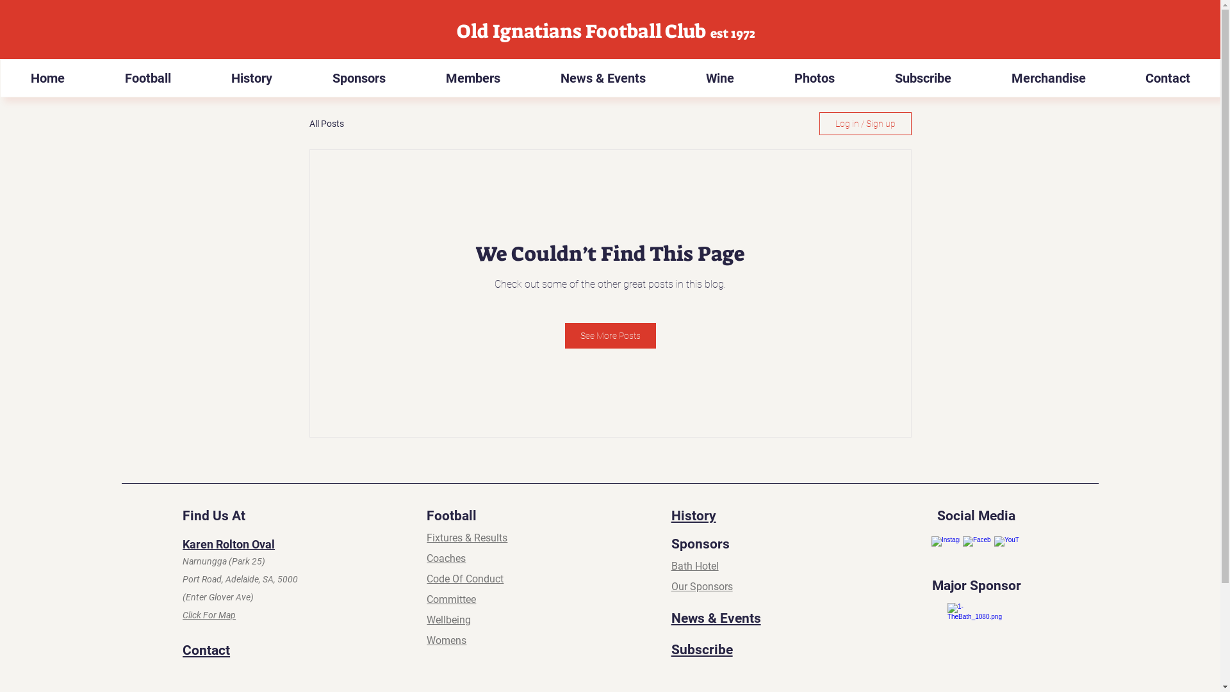  What do you see at coordinates (427, 640) in the screenshot?
I see `'Womens'` at bounding box center [427, 640].